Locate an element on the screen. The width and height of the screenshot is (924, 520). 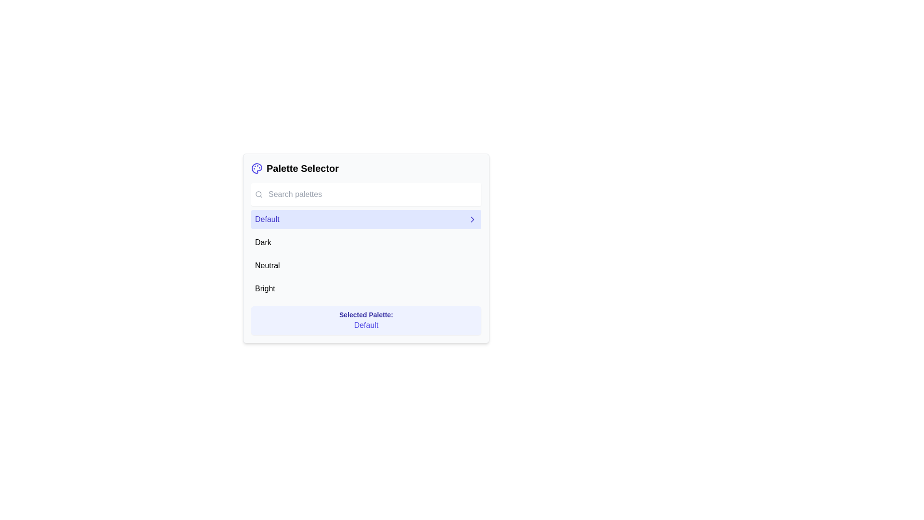
the label indicating the section about the selected palette, which is positioned above the text 'Default' in an indigo highlighted box is located at coordinates (366, 315).